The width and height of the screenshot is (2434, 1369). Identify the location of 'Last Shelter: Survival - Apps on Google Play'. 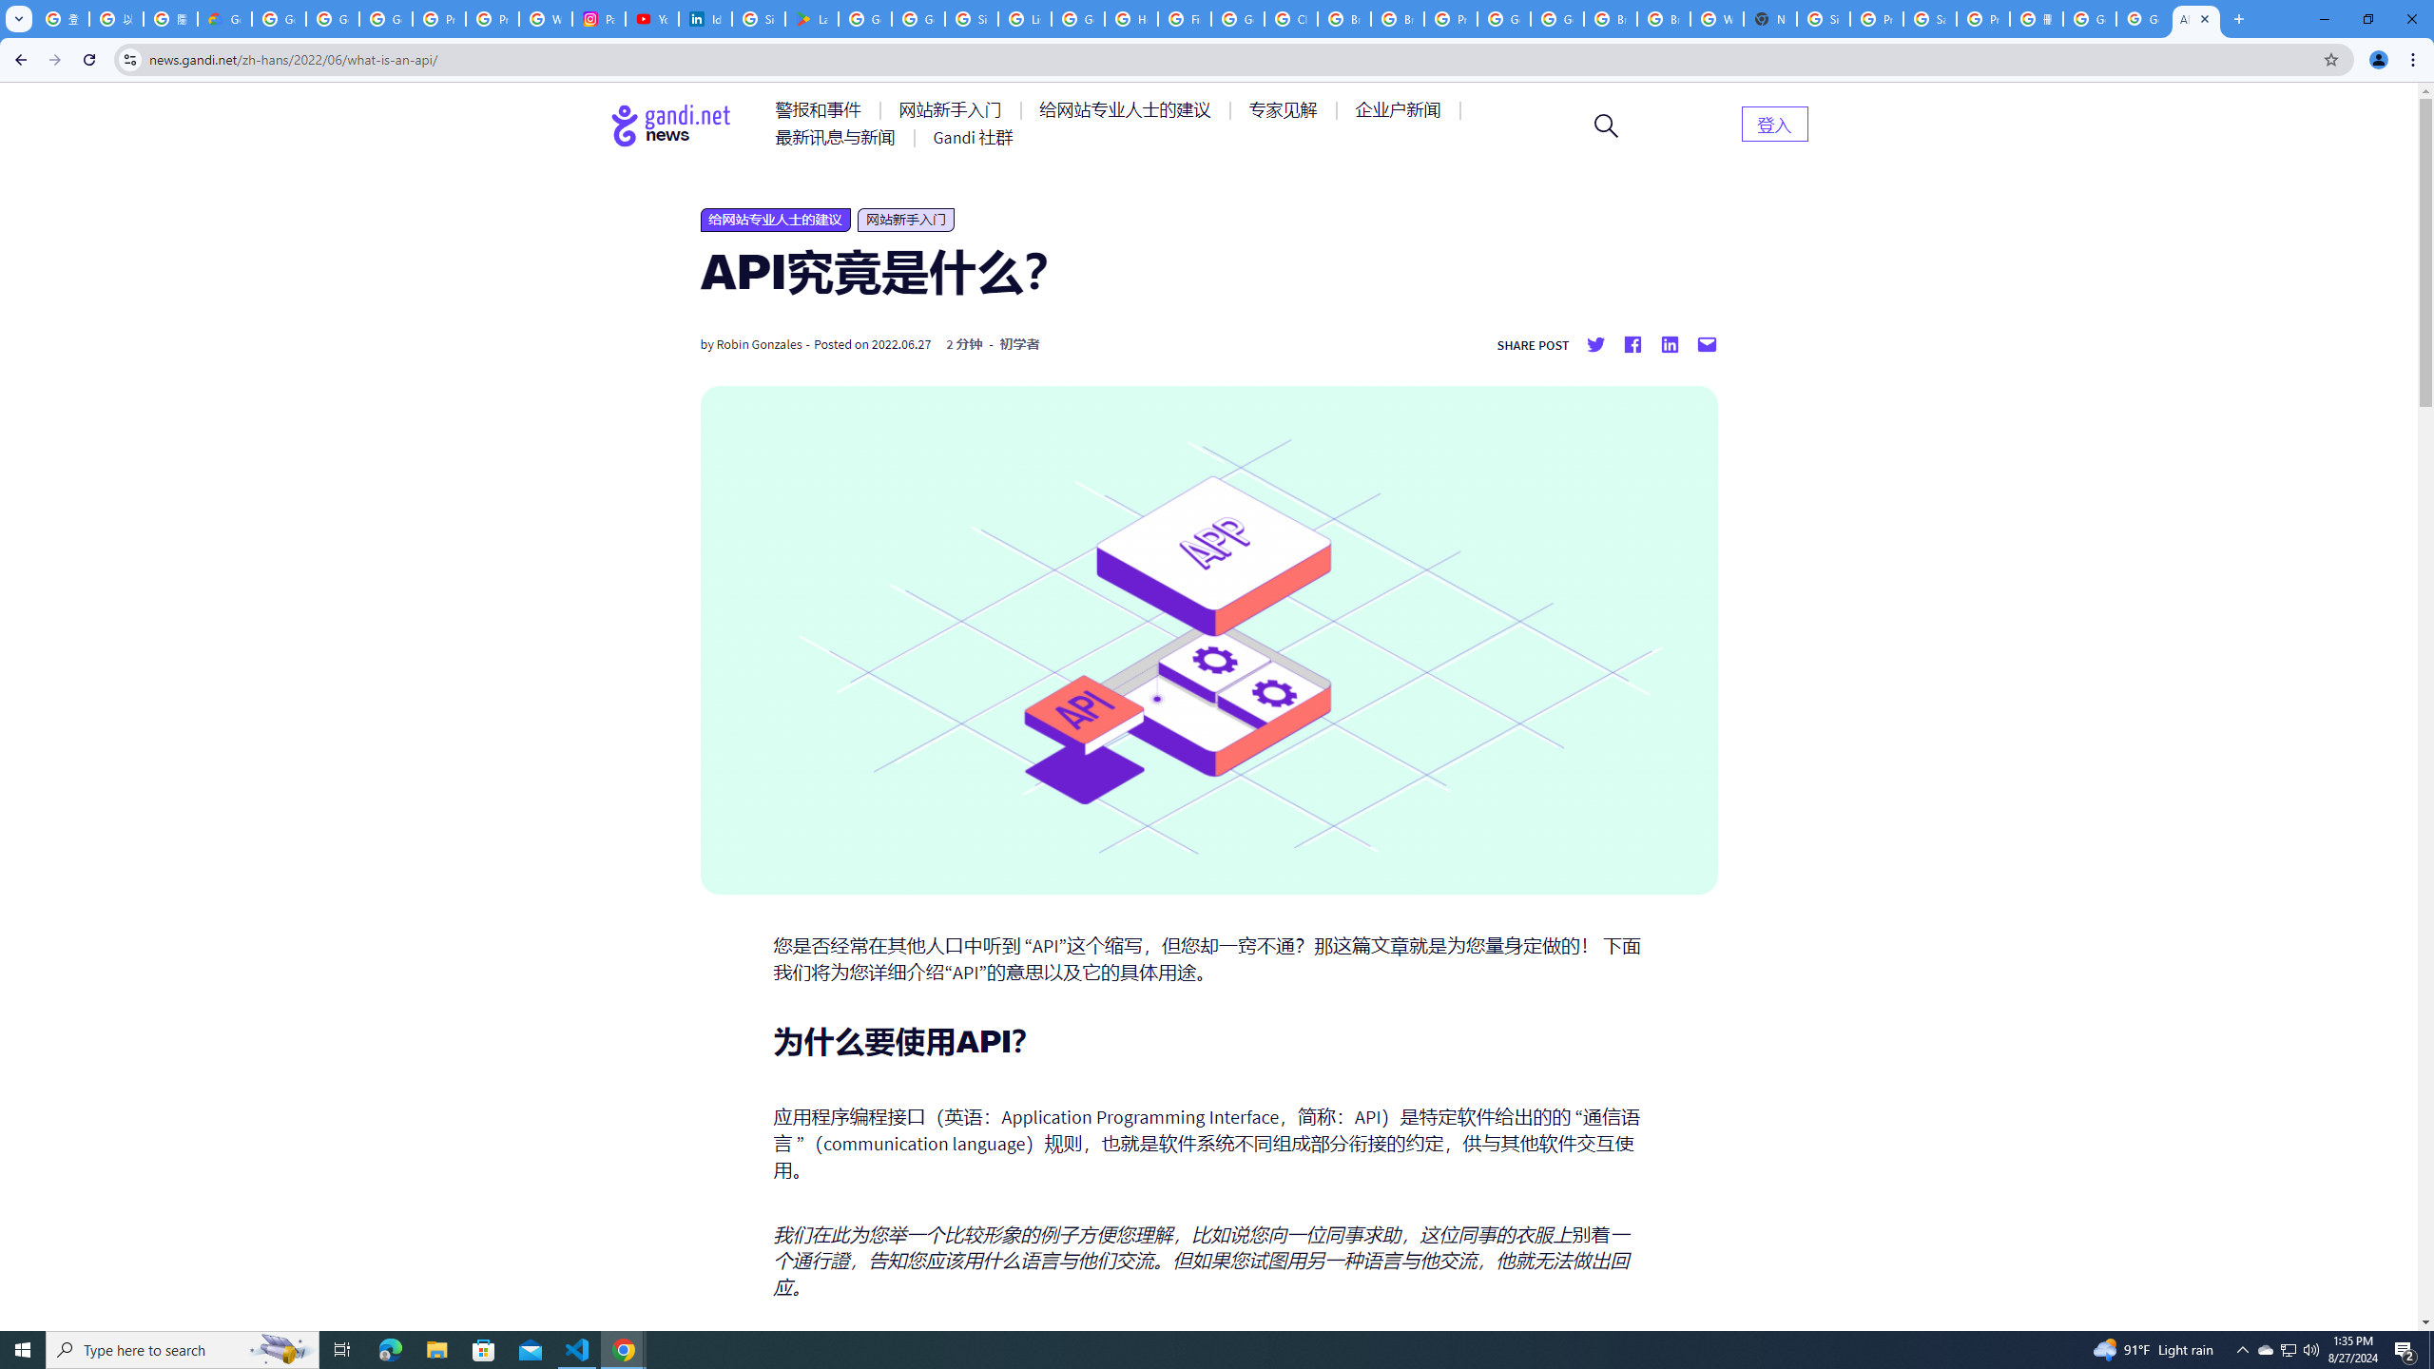
(810, 18).